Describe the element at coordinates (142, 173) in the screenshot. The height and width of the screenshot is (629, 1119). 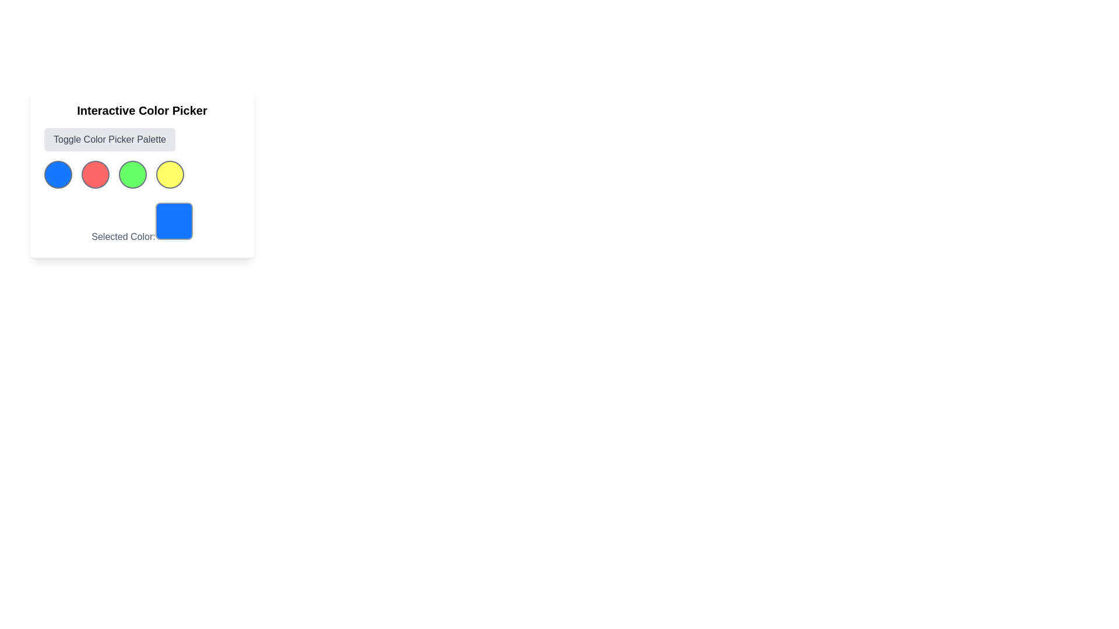
I see `the vibrant green interactive color selection button, which is the third circle in the row of color picker options` at that location.